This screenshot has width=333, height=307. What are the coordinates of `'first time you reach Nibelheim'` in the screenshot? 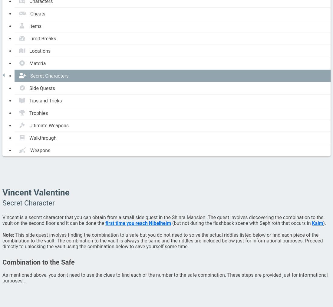 It's located at (137, 223).